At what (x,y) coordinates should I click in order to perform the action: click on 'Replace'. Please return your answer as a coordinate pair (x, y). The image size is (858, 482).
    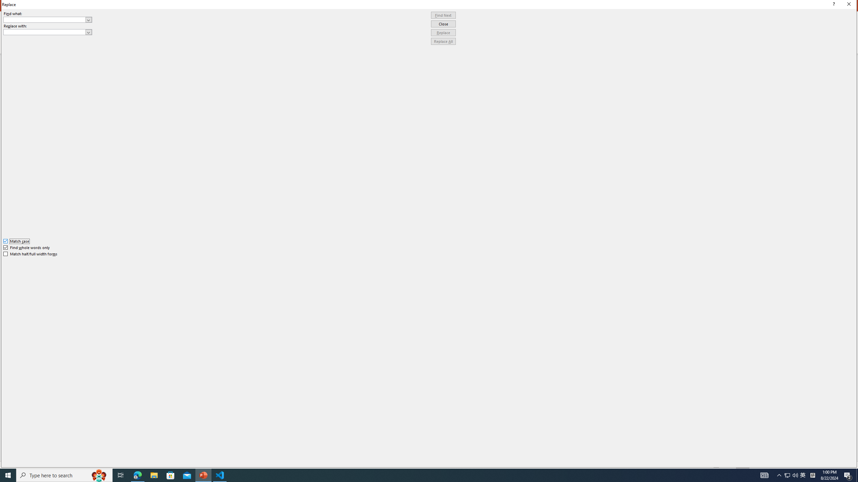
    Looking at the image, I should click on (443, 32).